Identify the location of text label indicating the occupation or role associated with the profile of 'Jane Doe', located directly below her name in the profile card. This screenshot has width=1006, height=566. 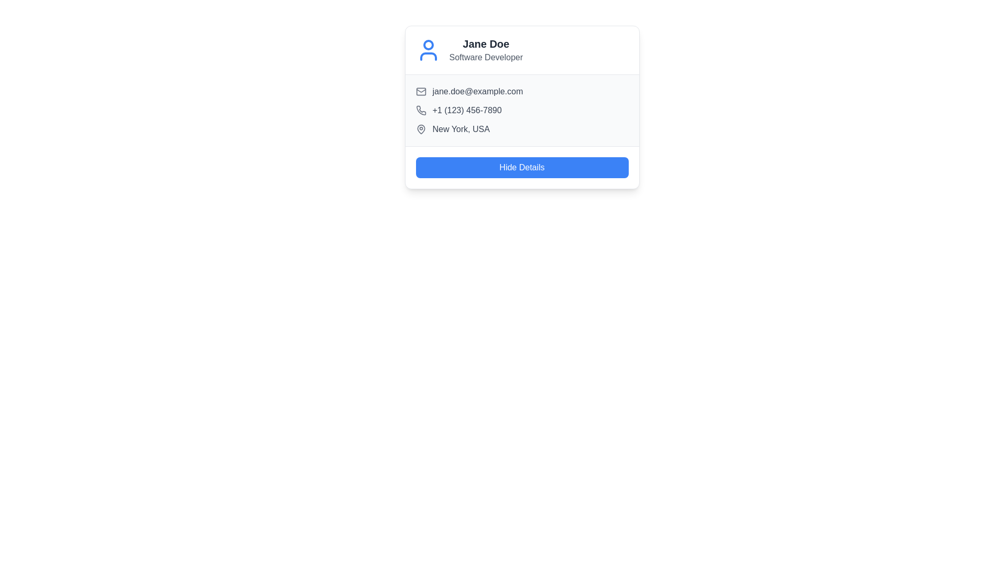
(485, 58).